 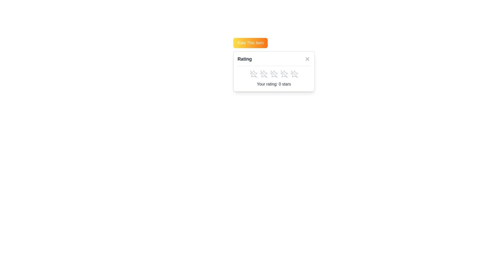 What do you see at coordinates (274, 74) in the screenshot?
I see `the third star icon in the rating component to adjust the rating score` at bounding box center [274, 74].